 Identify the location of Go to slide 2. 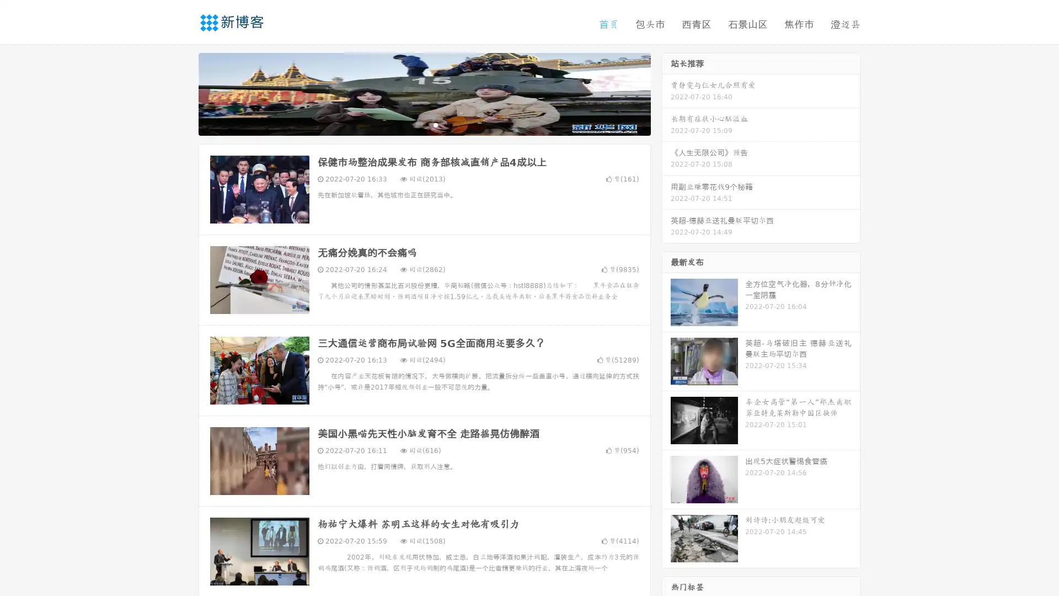
(424, 124).